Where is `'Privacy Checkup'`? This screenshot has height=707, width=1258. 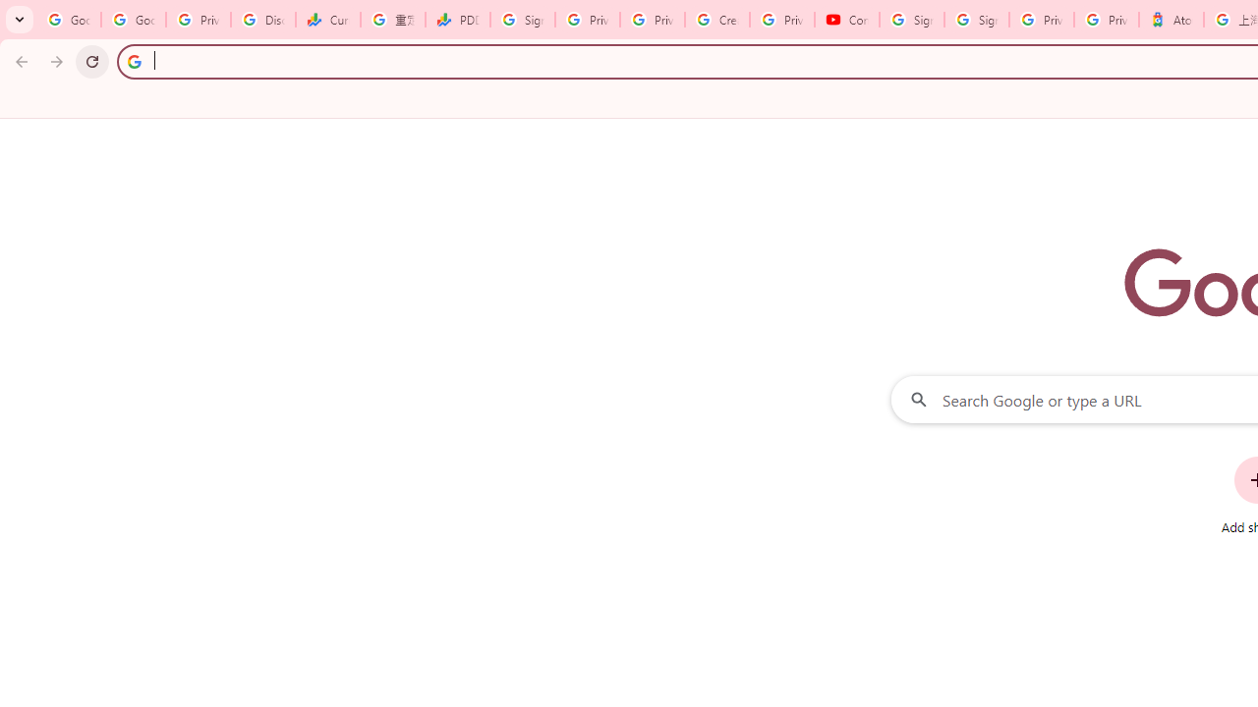
'Privacy Checkup' is located at coordinates (653, 20).